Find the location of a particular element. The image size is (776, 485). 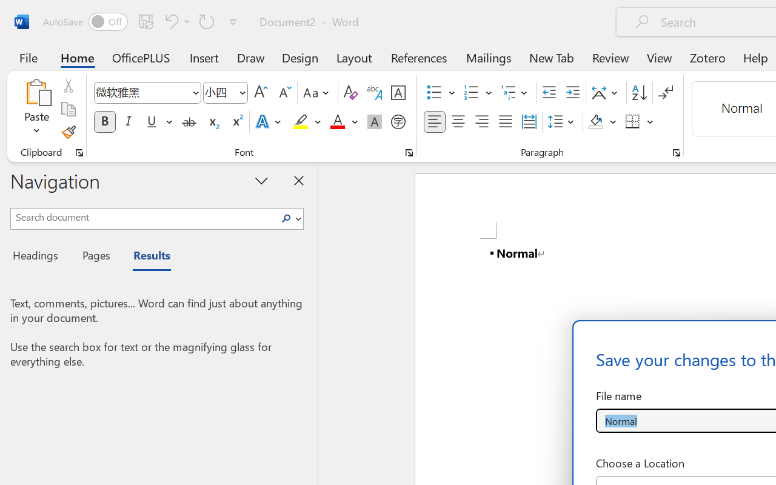

'Review' is located at coordinates (610, 57).